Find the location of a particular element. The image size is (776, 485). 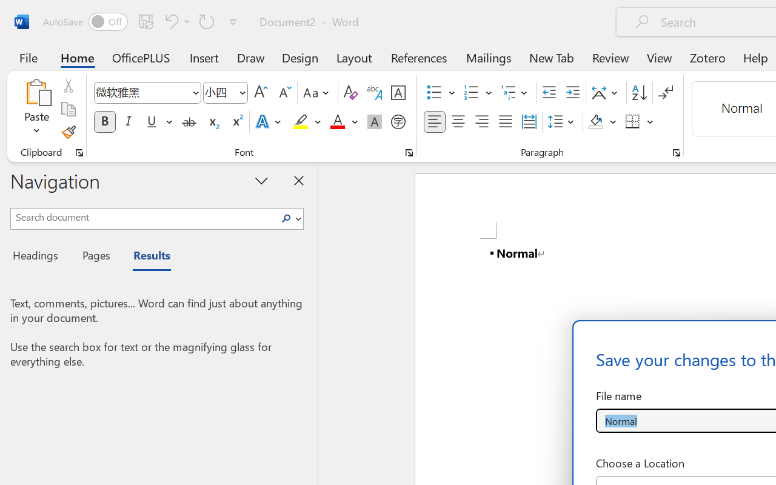

'Review' is located at coordinates (610, 57).